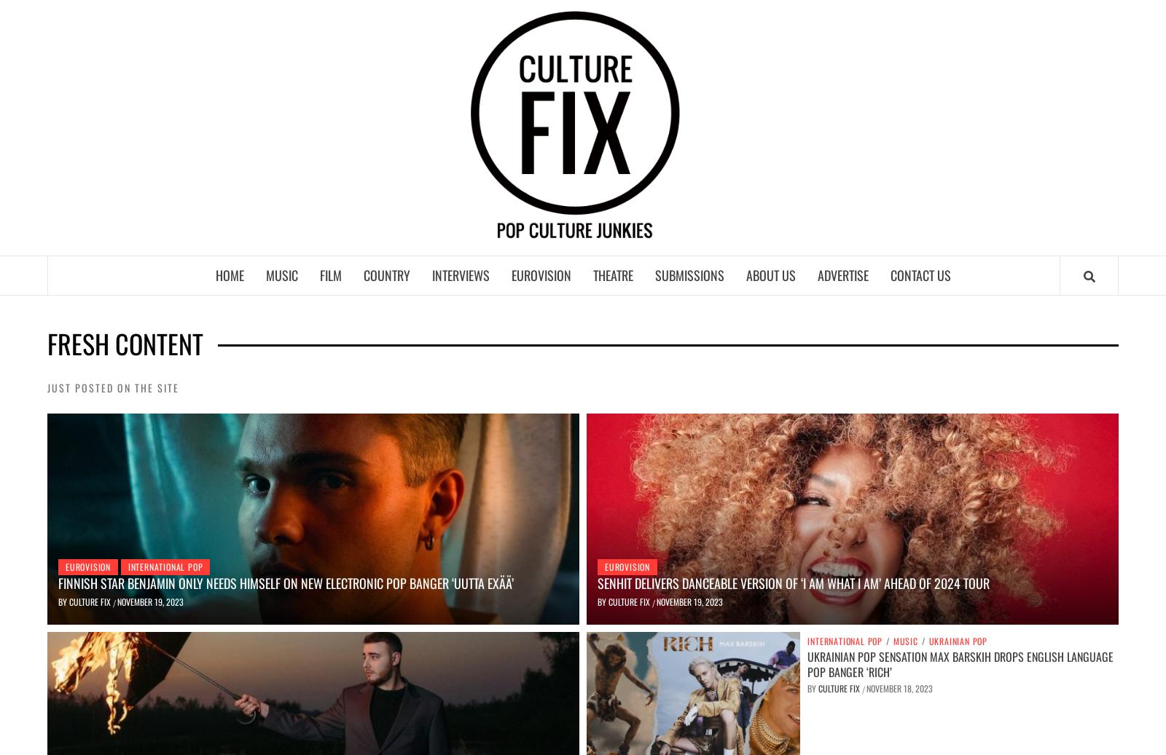 The image size is (1166, 755). I want to click on 'International Pop', so click(324, 355).